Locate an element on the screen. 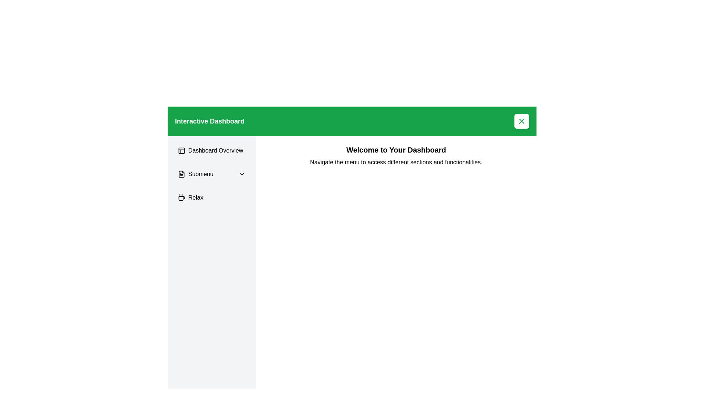 Image resolution: width=706 pixels, height=397 pixels. the Menu Label with Icon located in the vertical navigation sidebar is located at coordinates (196, 174).